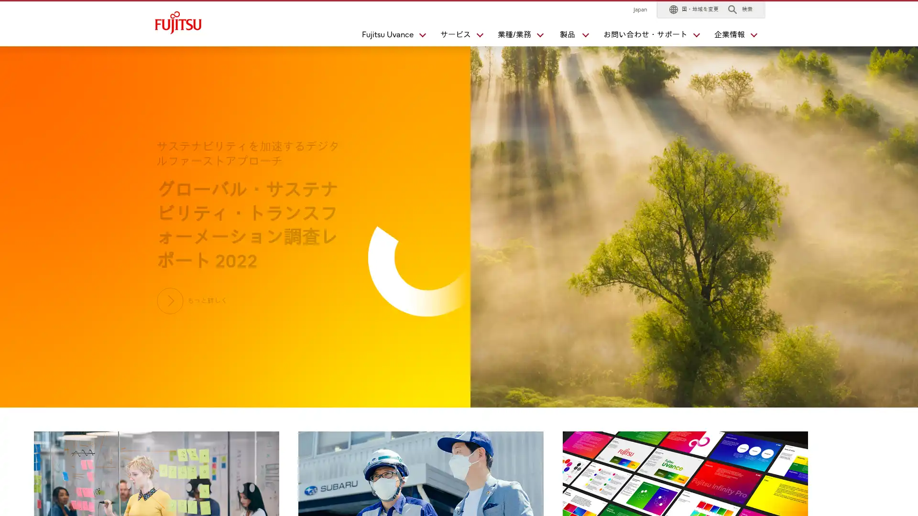  Describe the element at coordinates (390, 36) in the screenshot. I see `Fujitsu Uvance` at that location.